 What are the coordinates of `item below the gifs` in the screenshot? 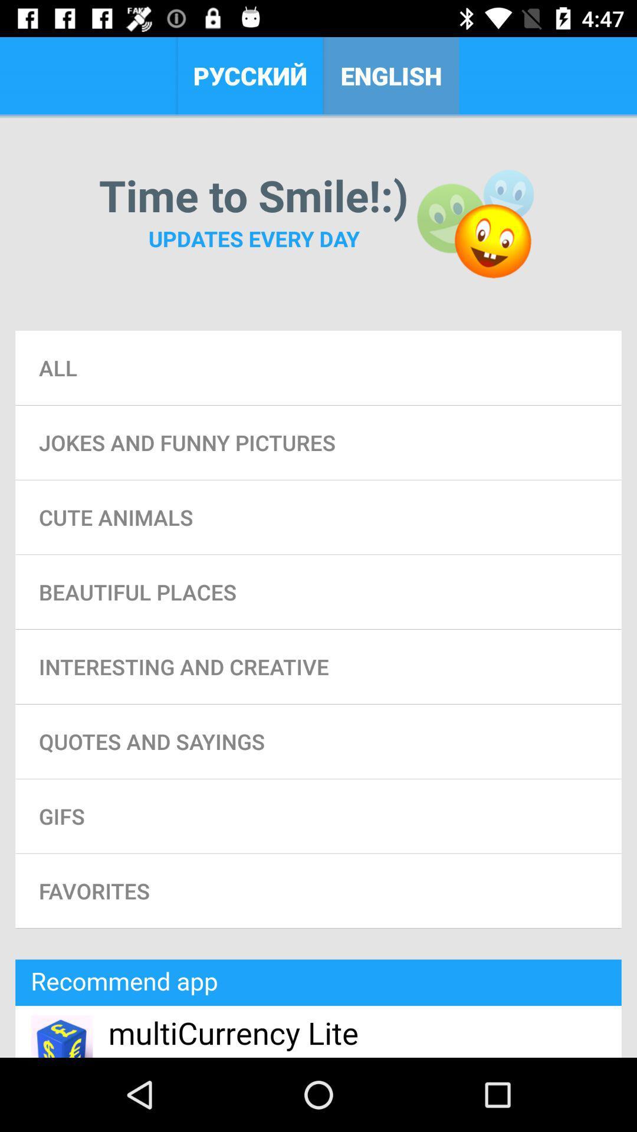 It's located at (318, 891).